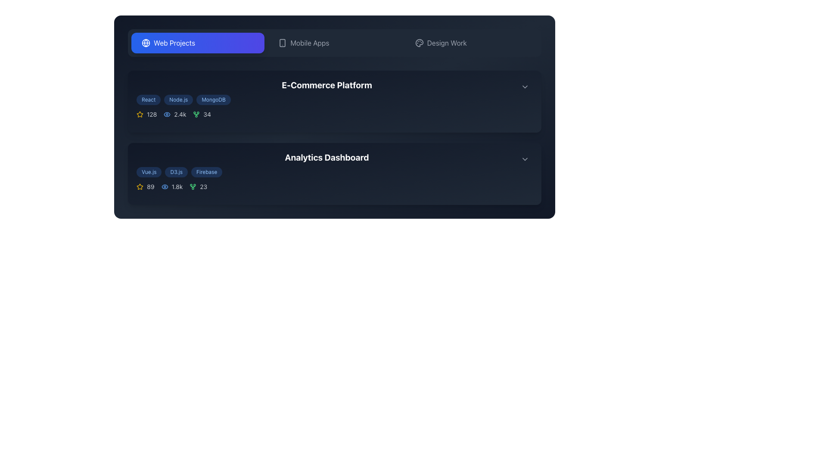 Image resolution: width=827 pixels, height=465 pixels. What do you see at coordinates (145, 186) in the screenshot?
I see `the displayed value of the first yellow star icon with the number '89' in gray text, located in the bottom section of the 'Analytics Dashboard'` at bounding box center [145, 186].